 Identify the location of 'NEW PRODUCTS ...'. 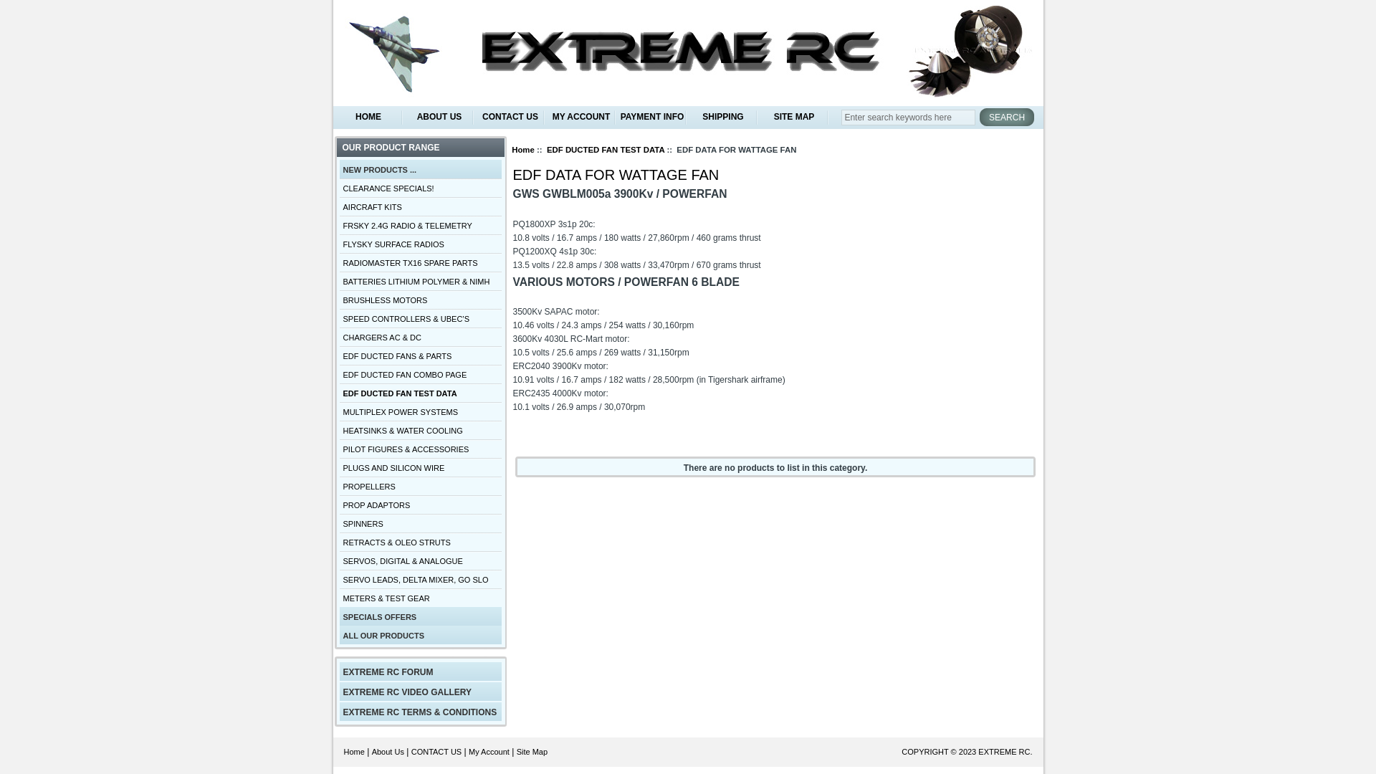
(419, 168).